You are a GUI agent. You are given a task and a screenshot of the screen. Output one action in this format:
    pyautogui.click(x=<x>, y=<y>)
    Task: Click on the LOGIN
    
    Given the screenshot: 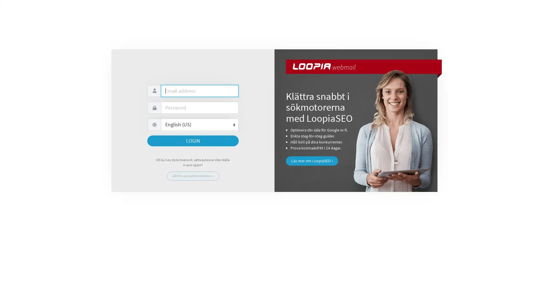 What is the action you would take?
    pyautogui.click(x=193, y=141)
    